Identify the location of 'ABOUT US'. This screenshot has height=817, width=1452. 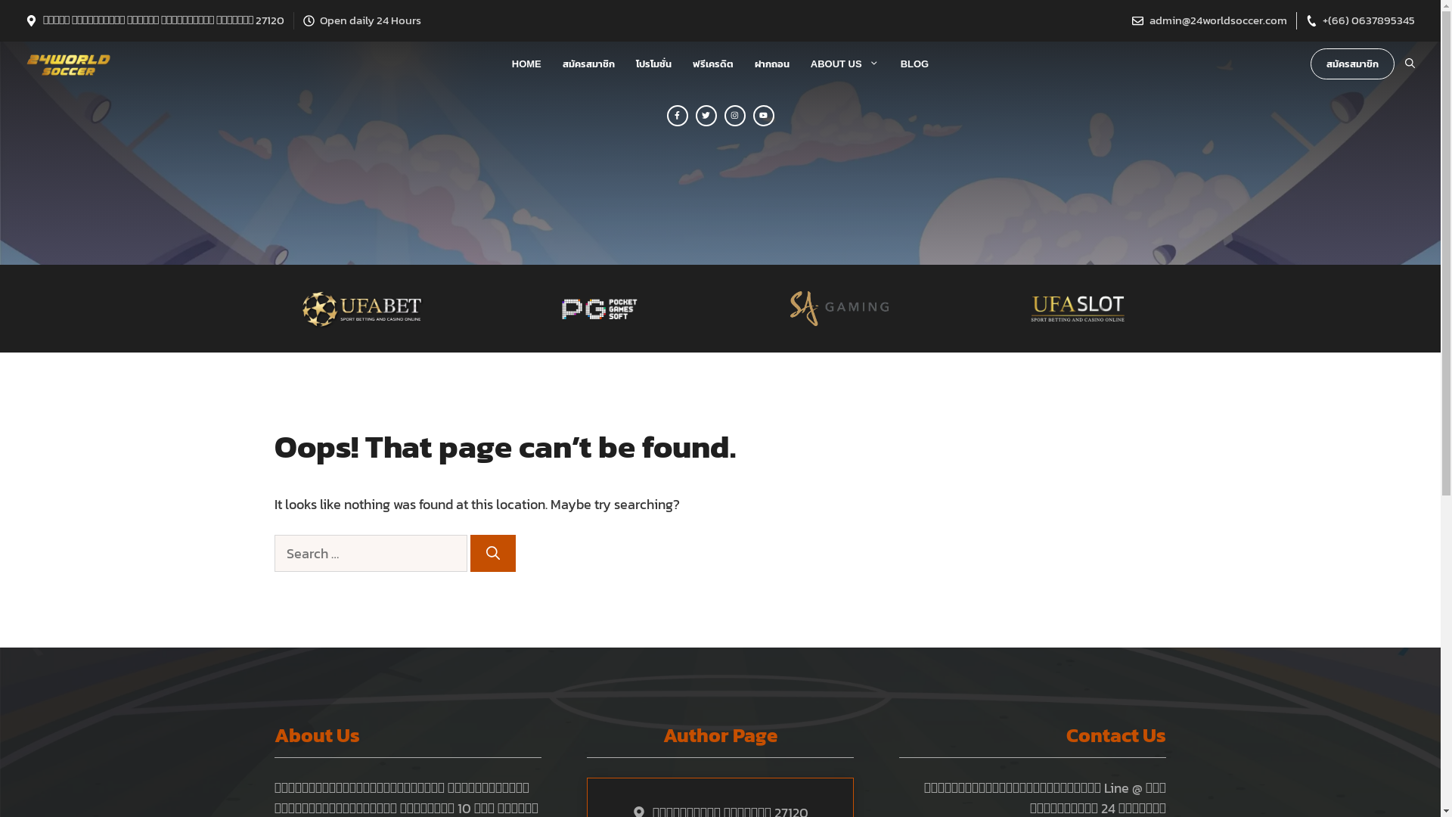
(799, 63).